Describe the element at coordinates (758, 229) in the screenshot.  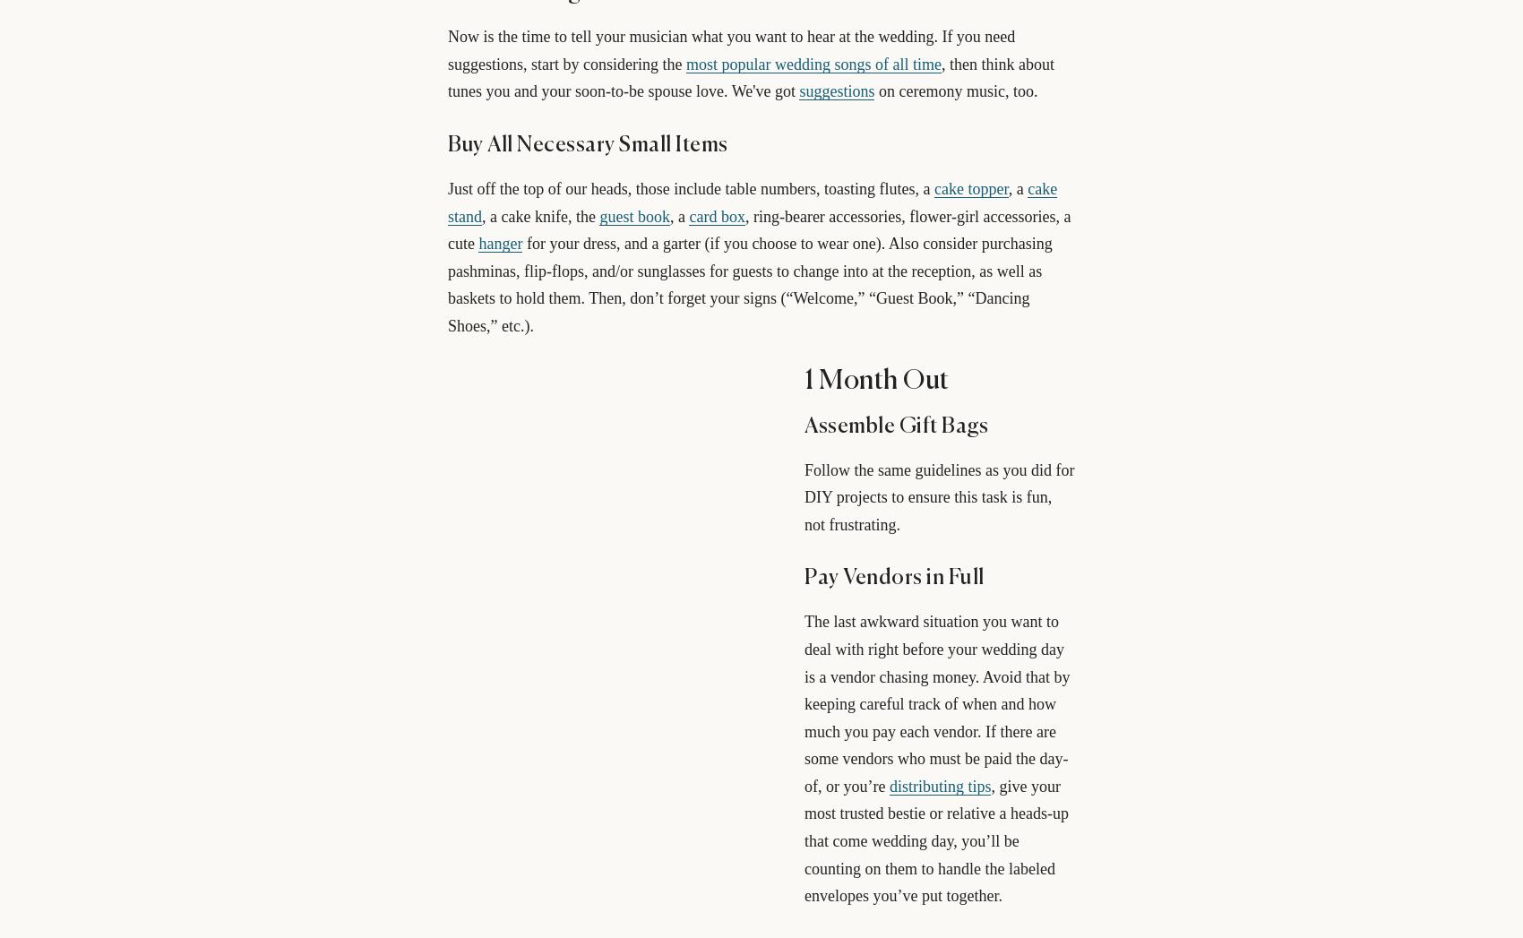
I see `', ring-bearer accessories, flower-girl accessories, a cute'` at that location.